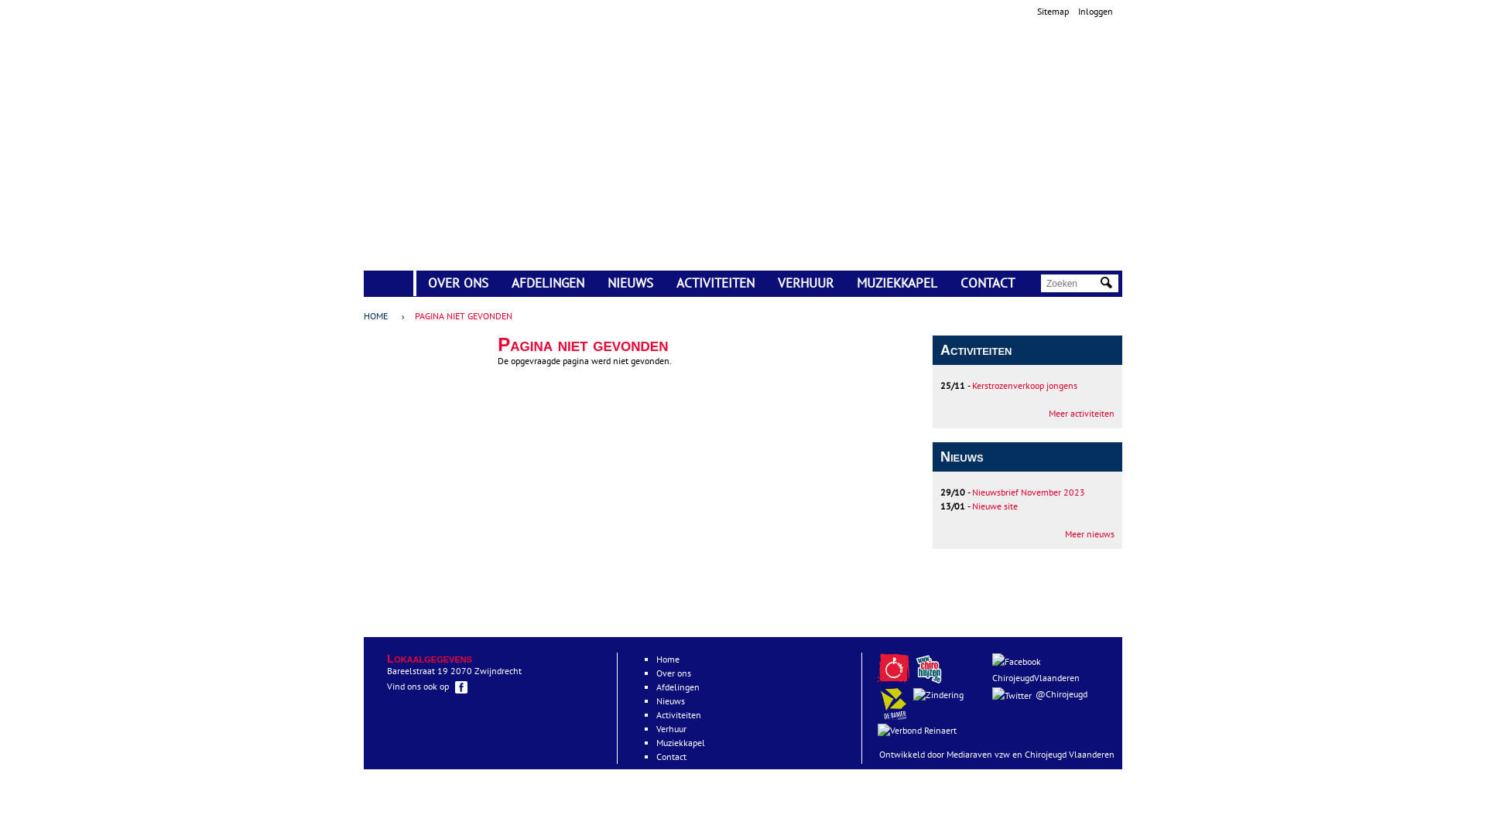  What do you see at coordinates (673, 672) in the screenshot?
I see `'Over ons'` at bounding box center [673, 672].